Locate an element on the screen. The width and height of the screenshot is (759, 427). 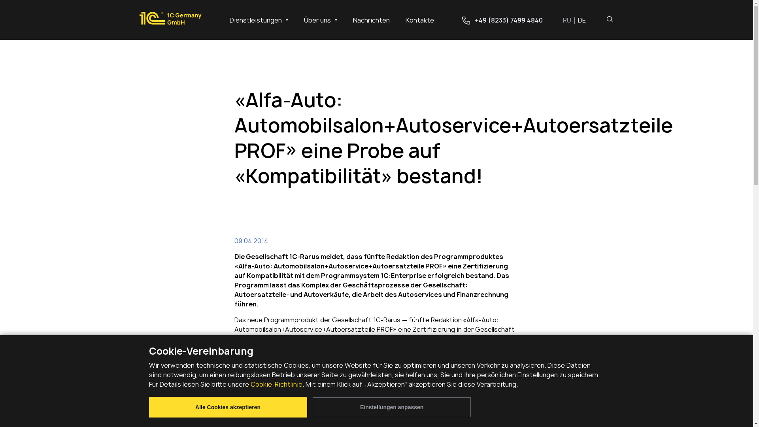
'Kontakte' is located at coordinates (419, 19).